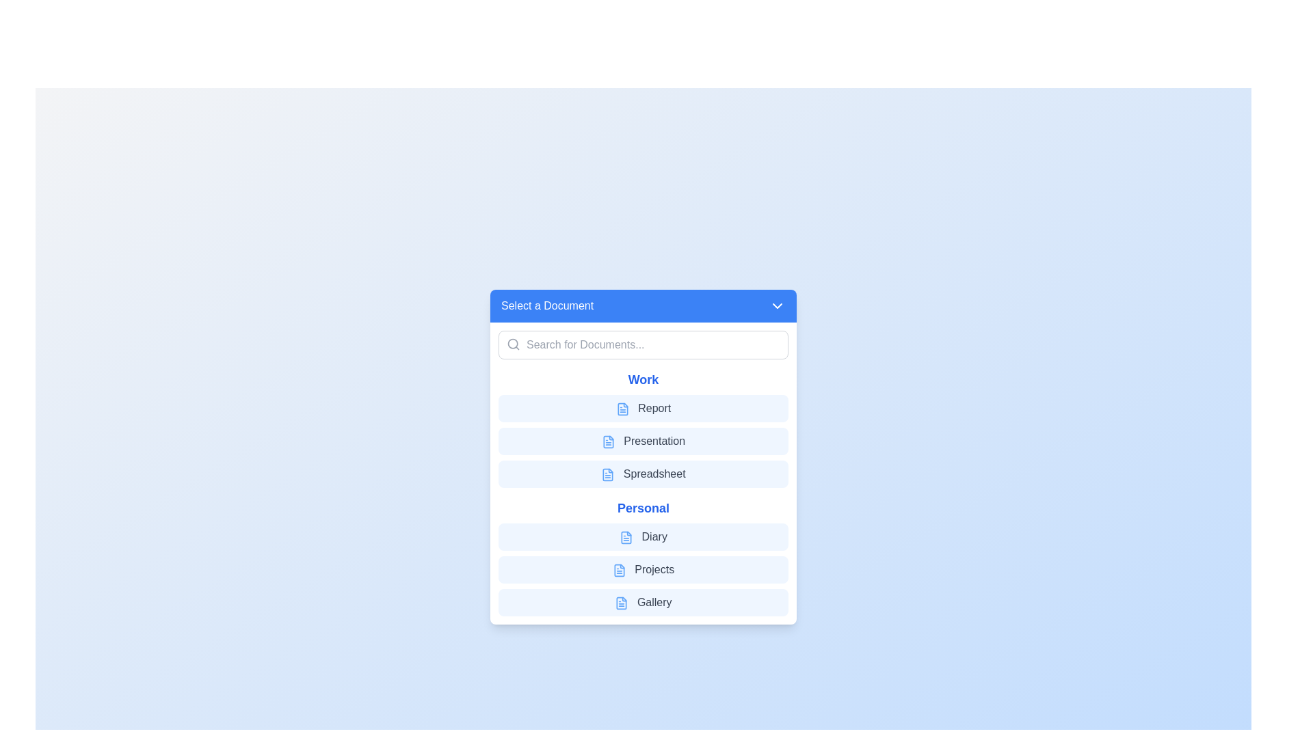 The image size is (1313, 738). What do you see at coordinates (547, 305) in the screenshot?
I see `the Text Label that displays the current selection or prompts users to make a selection for a document, located in the top-left corner of the dropdown's header, left-aligned to a chevron-down icon` at bounding box center [547, 305].